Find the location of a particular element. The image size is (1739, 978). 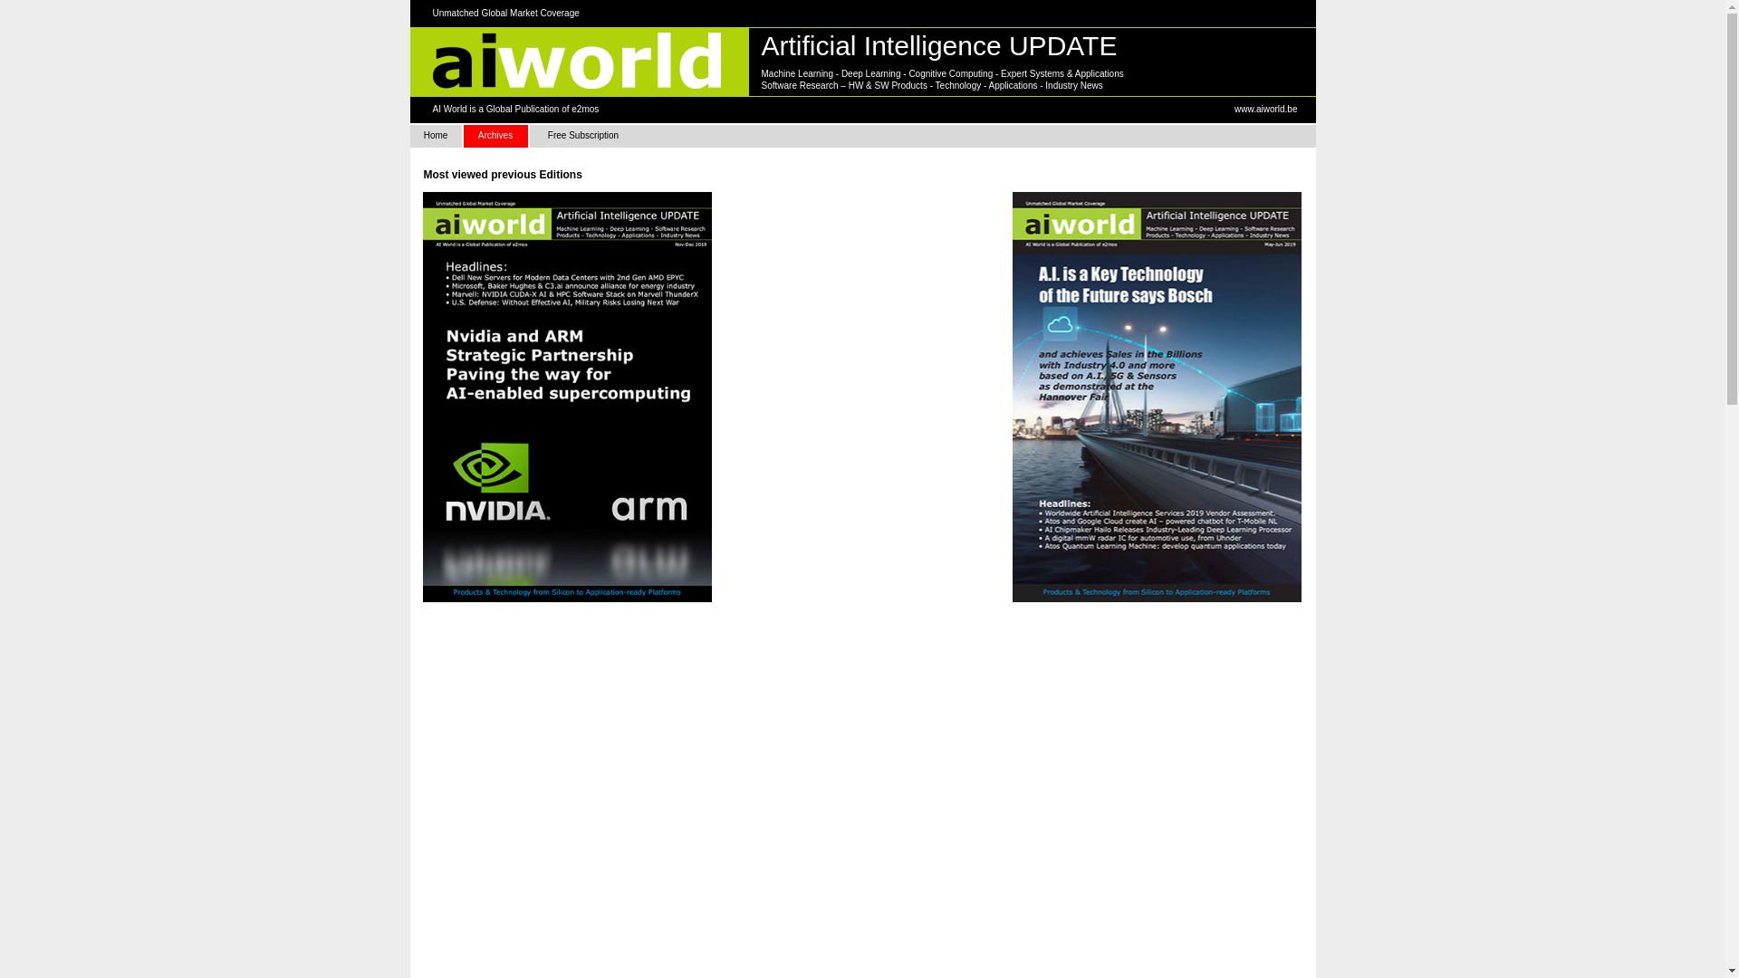

'Archives' is located at coordinates (495, 135).